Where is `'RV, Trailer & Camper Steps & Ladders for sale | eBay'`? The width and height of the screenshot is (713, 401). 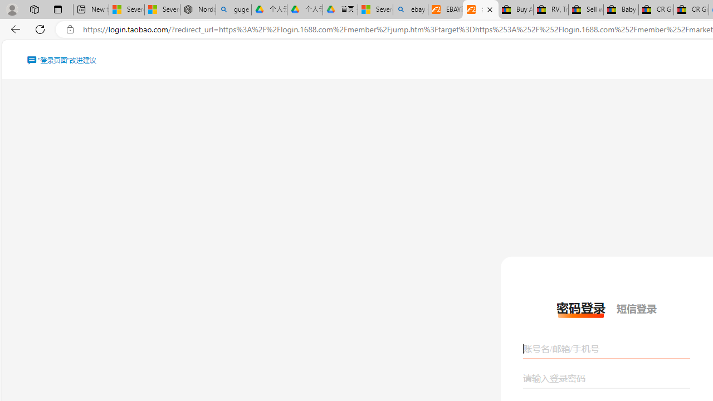 'RV, Trailer & Camper Steps & Ladders for sale | eBay' is located at coordinates (550, 9).